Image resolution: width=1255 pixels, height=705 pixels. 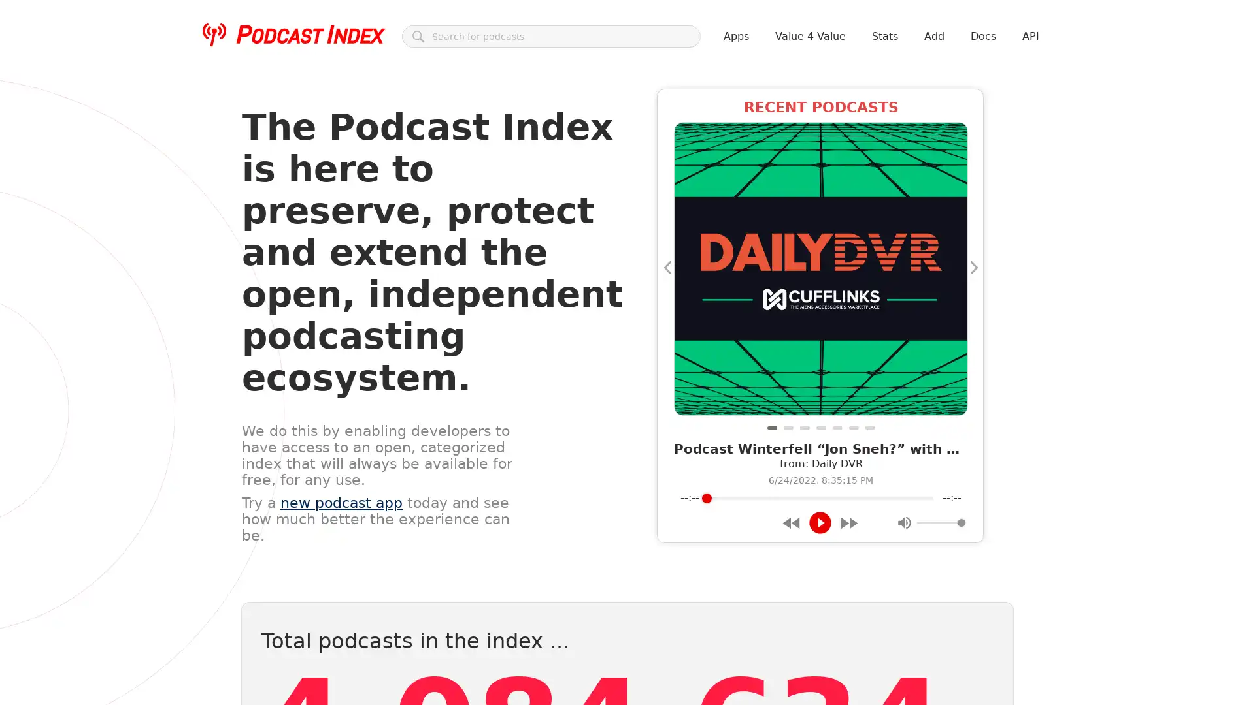 What do you see at coordinates (820, 428) in the screenshot?
I see `Caja Magica. 6.22.22` at bounding box center [820, 428].